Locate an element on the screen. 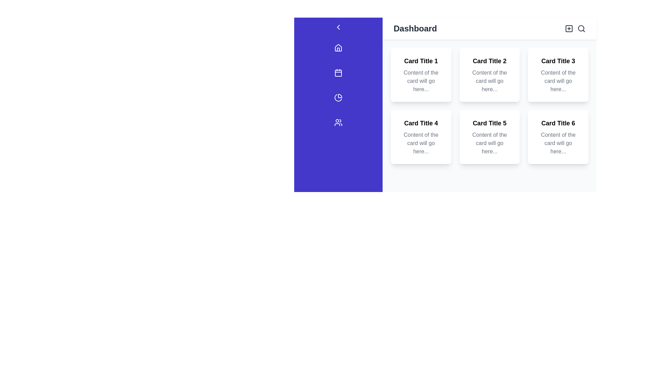  the 'Dashboard' text element is located at coordinates (415, 28).